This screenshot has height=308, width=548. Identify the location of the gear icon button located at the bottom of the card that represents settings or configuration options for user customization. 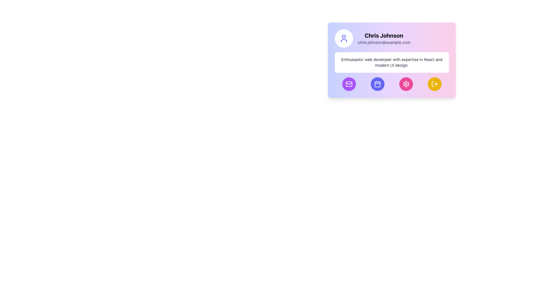
(406, 84).